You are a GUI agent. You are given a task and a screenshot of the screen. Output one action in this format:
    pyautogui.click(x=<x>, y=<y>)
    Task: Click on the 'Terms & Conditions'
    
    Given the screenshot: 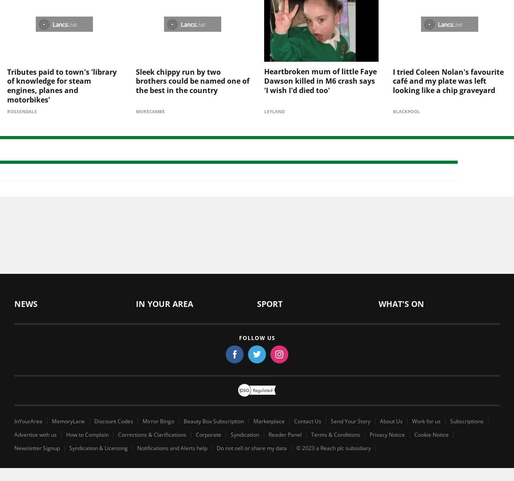 What is the action you would take?
    pyautogui.click(x=335, y=419)
    